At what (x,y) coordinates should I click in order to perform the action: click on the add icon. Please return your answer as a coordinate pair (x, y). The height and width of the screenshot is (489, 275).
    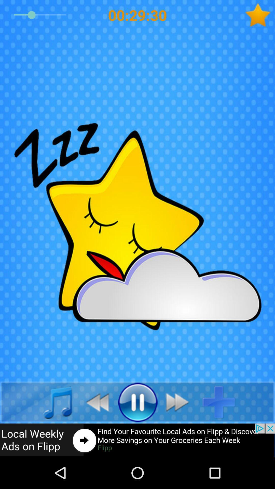
    Looking at the image, I should click on (223, 402).